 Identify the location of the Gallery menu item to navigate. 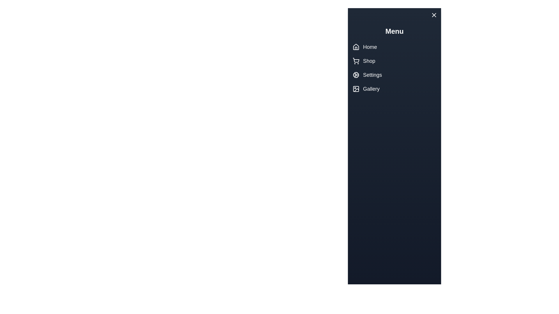
(380, 89).